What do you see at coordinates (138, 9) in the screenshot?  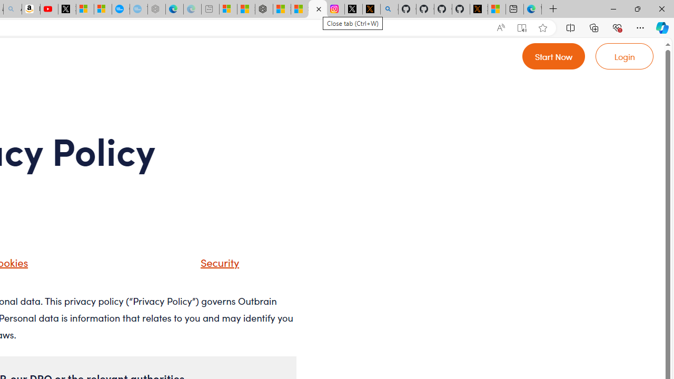 I see `'The most popular Google '` at bounding box center [138, 9].